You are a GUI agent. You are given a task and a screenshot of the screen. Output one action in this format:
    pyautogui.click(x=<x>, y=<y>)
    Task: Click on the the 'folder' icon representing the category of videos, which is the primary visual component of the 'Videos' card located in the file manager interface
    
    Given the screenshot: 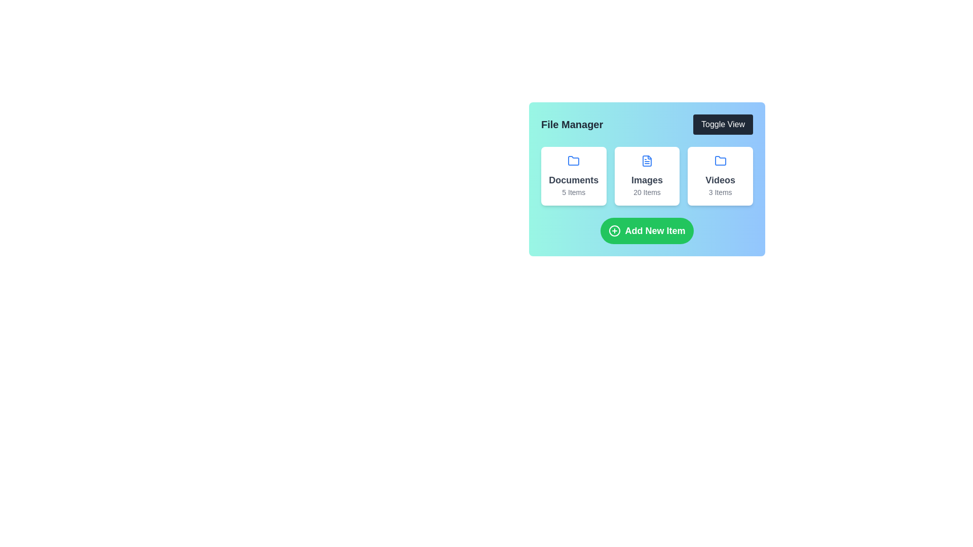 What is the action you would take?
    pyautogui.click(x=720, y=160)
    